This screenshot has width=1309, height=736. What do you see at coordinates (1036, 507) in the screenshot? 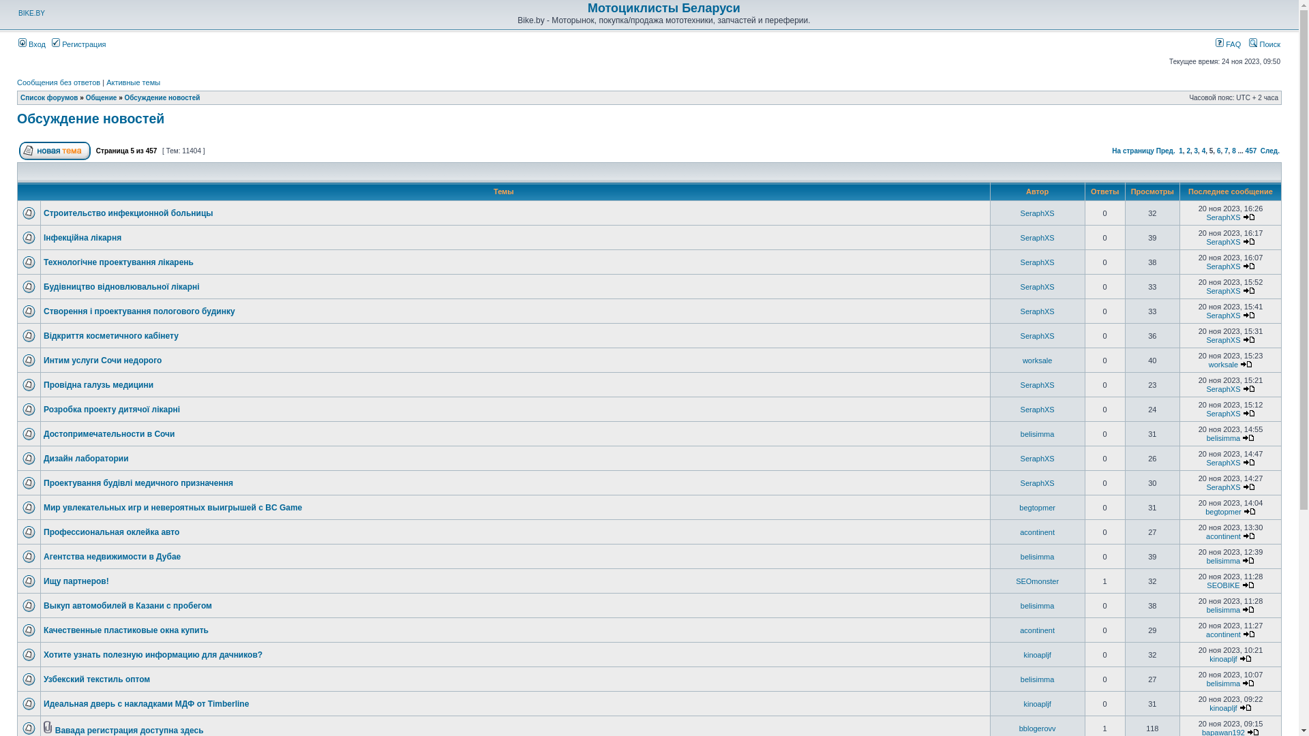
I see `'begtopmer'` at bounding box center [1036, 507].